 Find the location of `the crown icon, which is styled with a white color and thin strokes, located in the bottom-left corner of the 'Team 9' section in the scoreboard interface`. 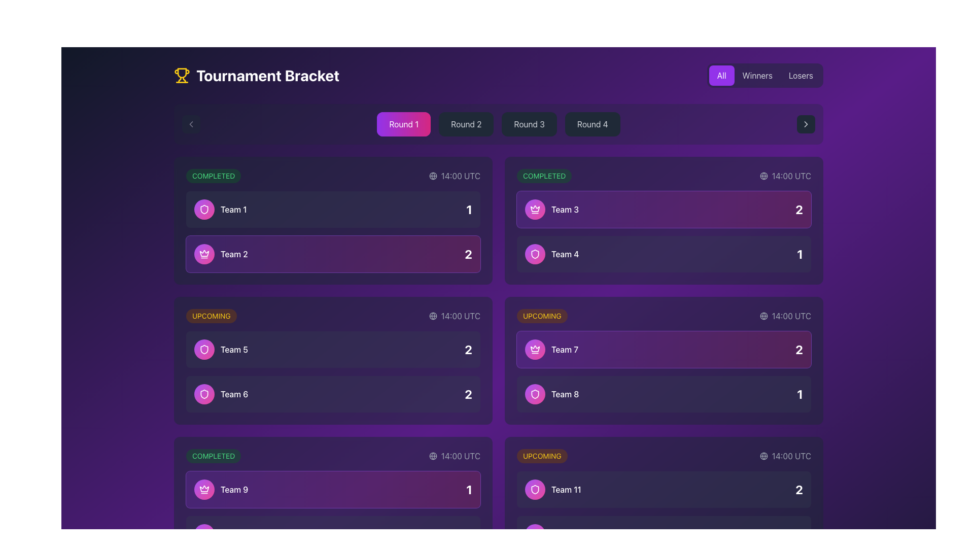

the crown icon, which is styled with a white color and thin strokes, located in the bottom-left corner of the 'Team 9' section in the scoreboard interface is located at coordinates (204, 253).